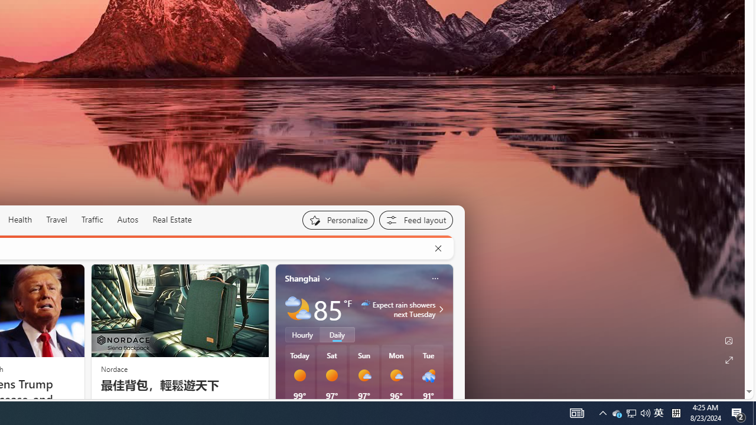 This screenshot has width=756, height=425. What do you see at coordinates (331, 375) in the screenshot?
I see `'Sunny'` at bounding box center [331, 375].